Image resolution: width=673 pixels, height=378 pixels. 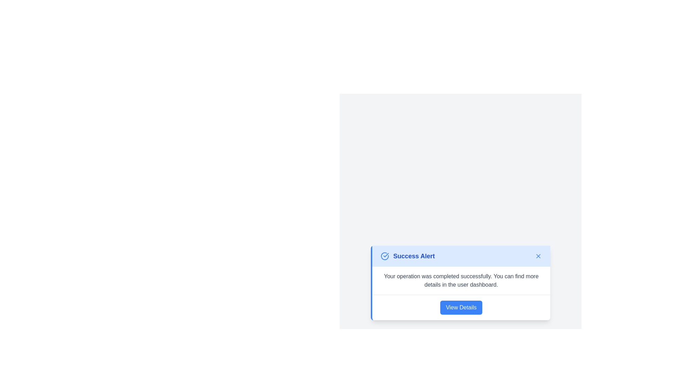 I want to click on the title text of the alert message displayed in the header region of the alert box, located to the right of the icon, so click(x=414, y=256).